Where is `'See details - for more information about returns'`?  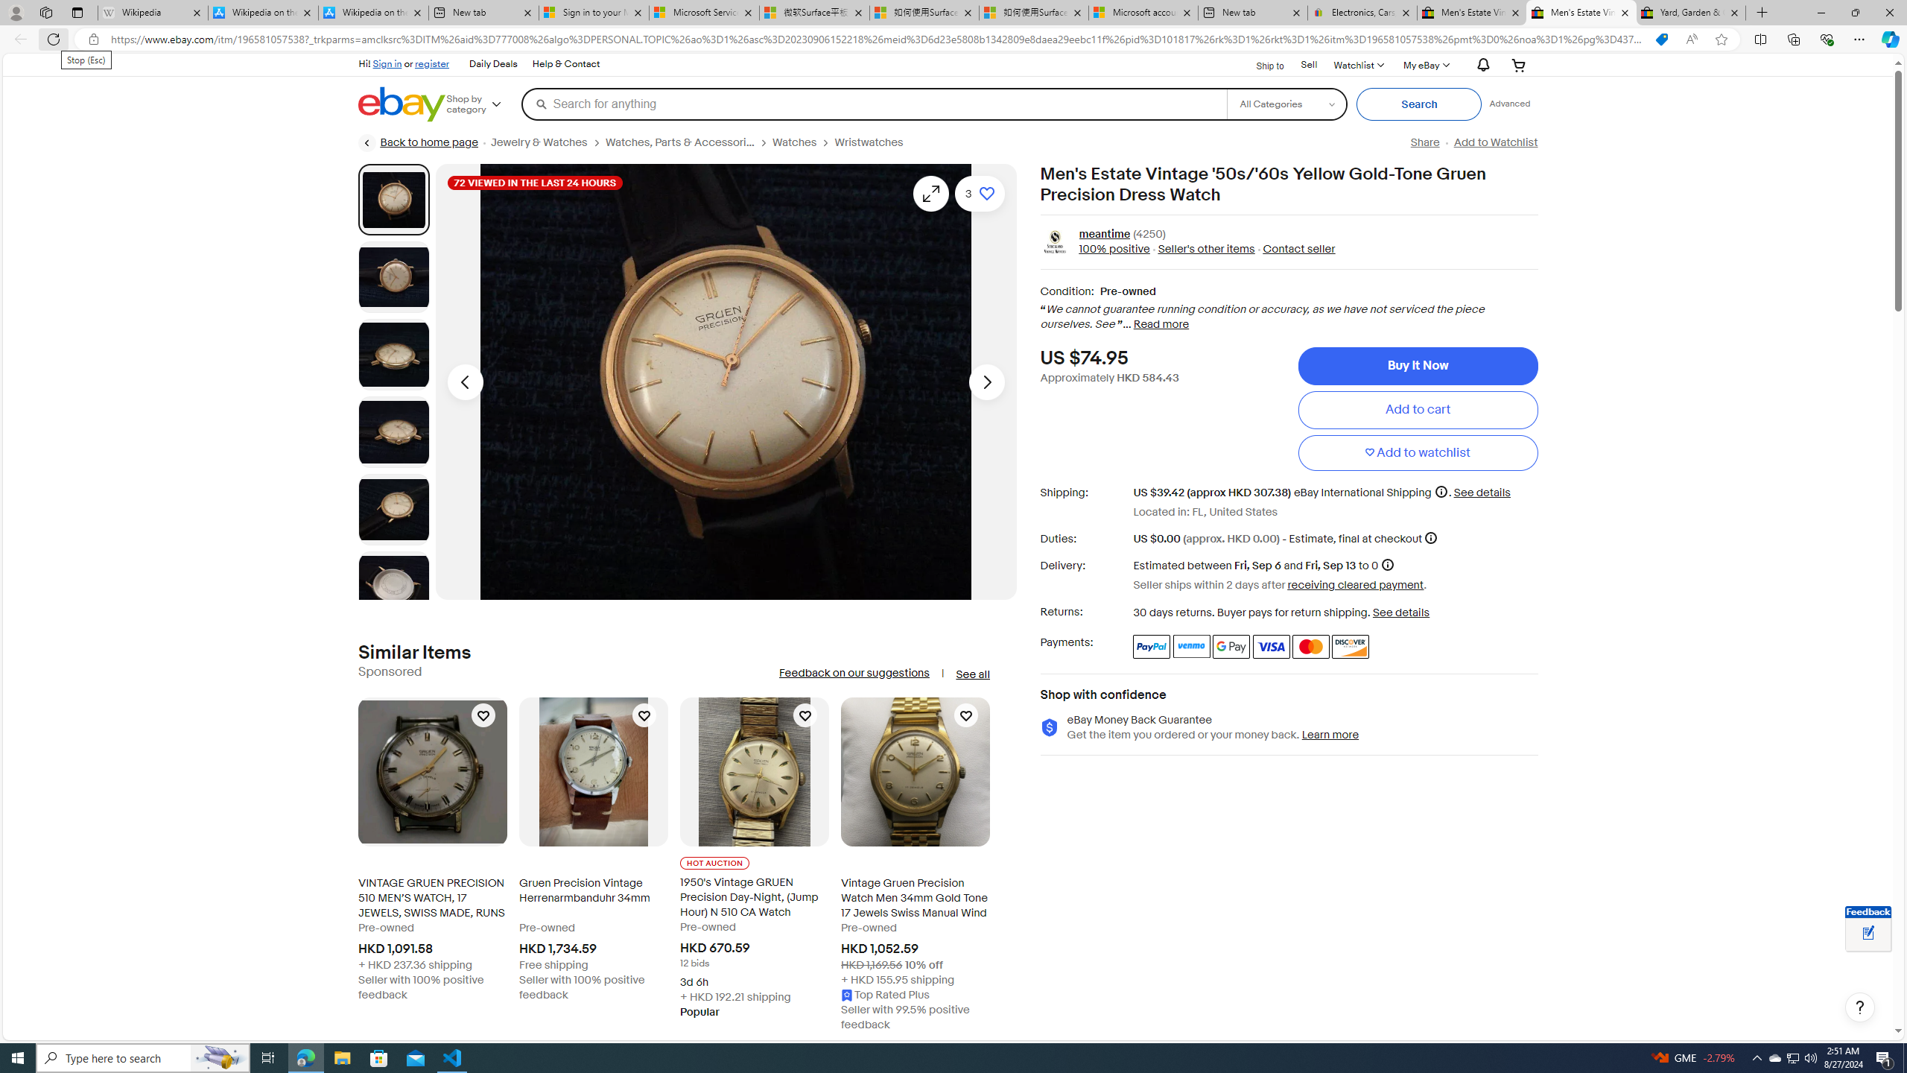
'See details - for more information about returns' is located at coordinates (1400, 613).